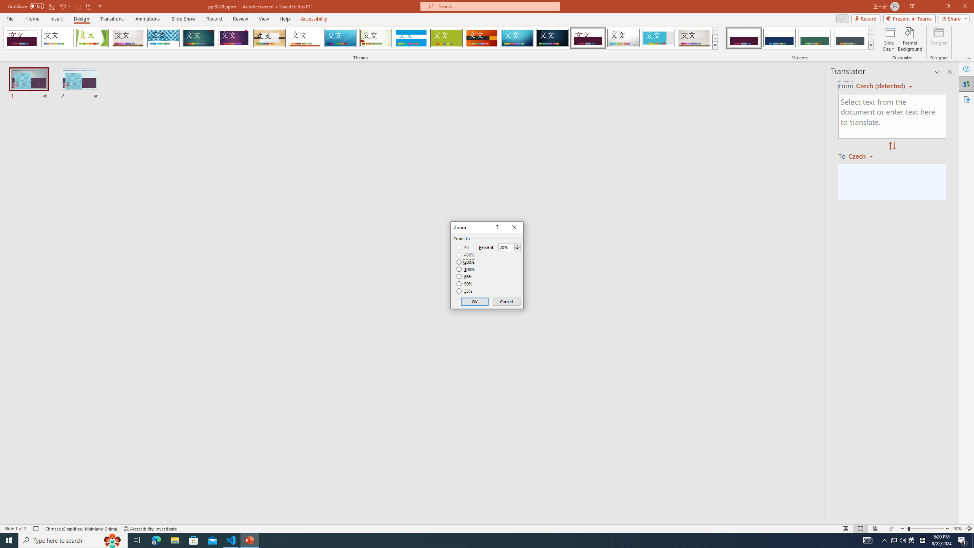  I want to click on 'AutomationID: ThemeVariantsGallery', so click(800, 38).